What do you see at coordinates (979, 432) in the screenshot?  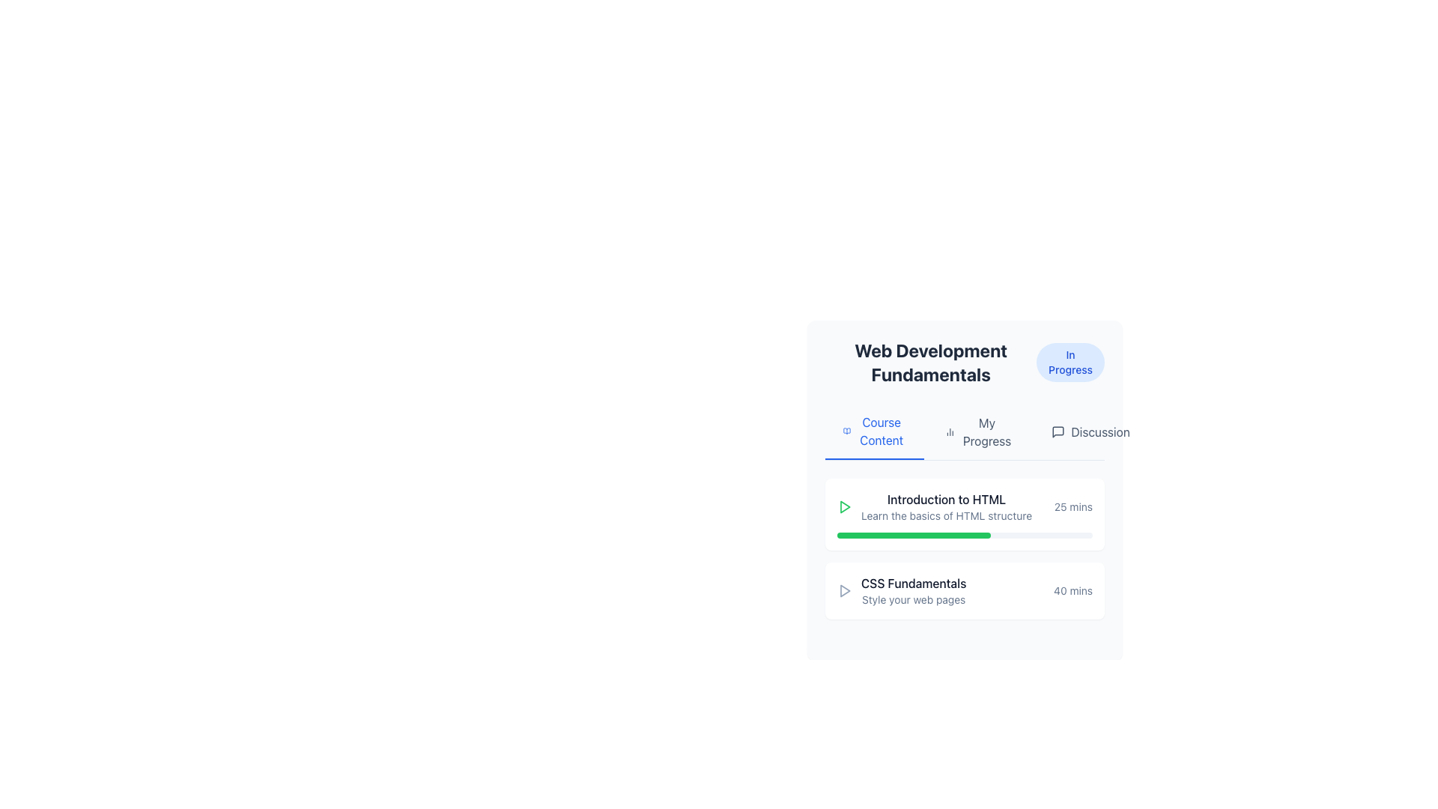 I see `the navigation tab that displays the user's progress within the application` at bounding box center [979, 432].